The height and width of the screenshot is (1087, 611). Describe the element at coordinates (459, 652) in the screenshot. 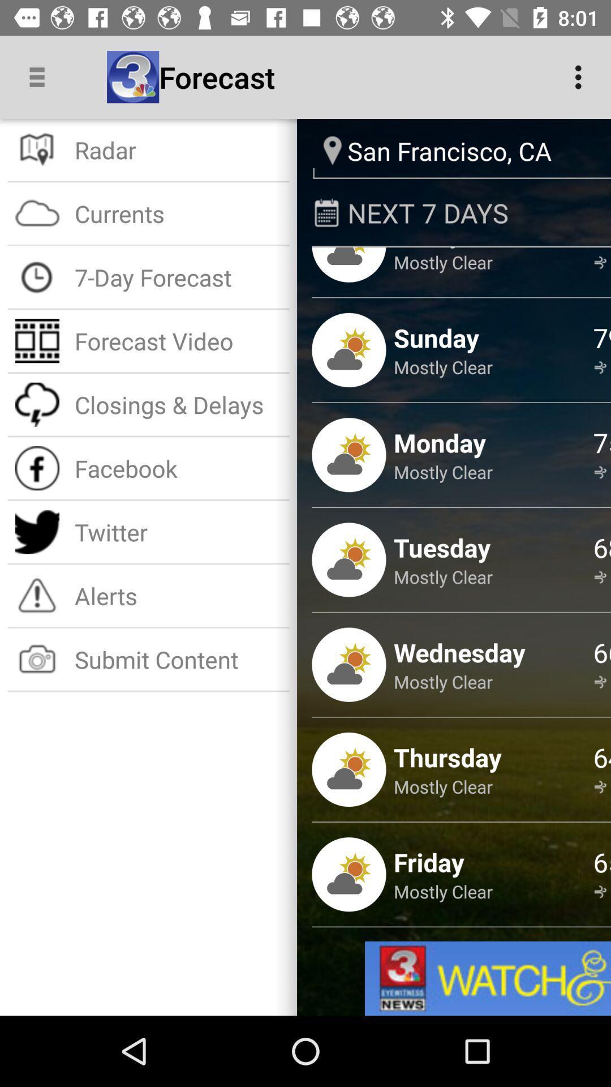

I see `the wednesday icon` at that location.